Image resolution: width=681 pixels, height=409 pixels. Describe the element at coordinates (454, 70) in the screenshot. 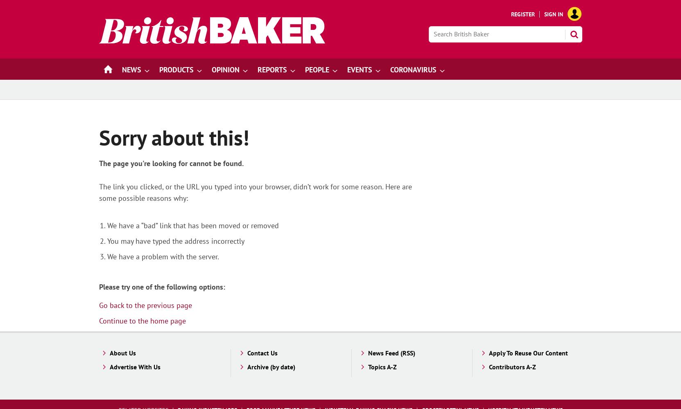

I see `'More from'` at that location.